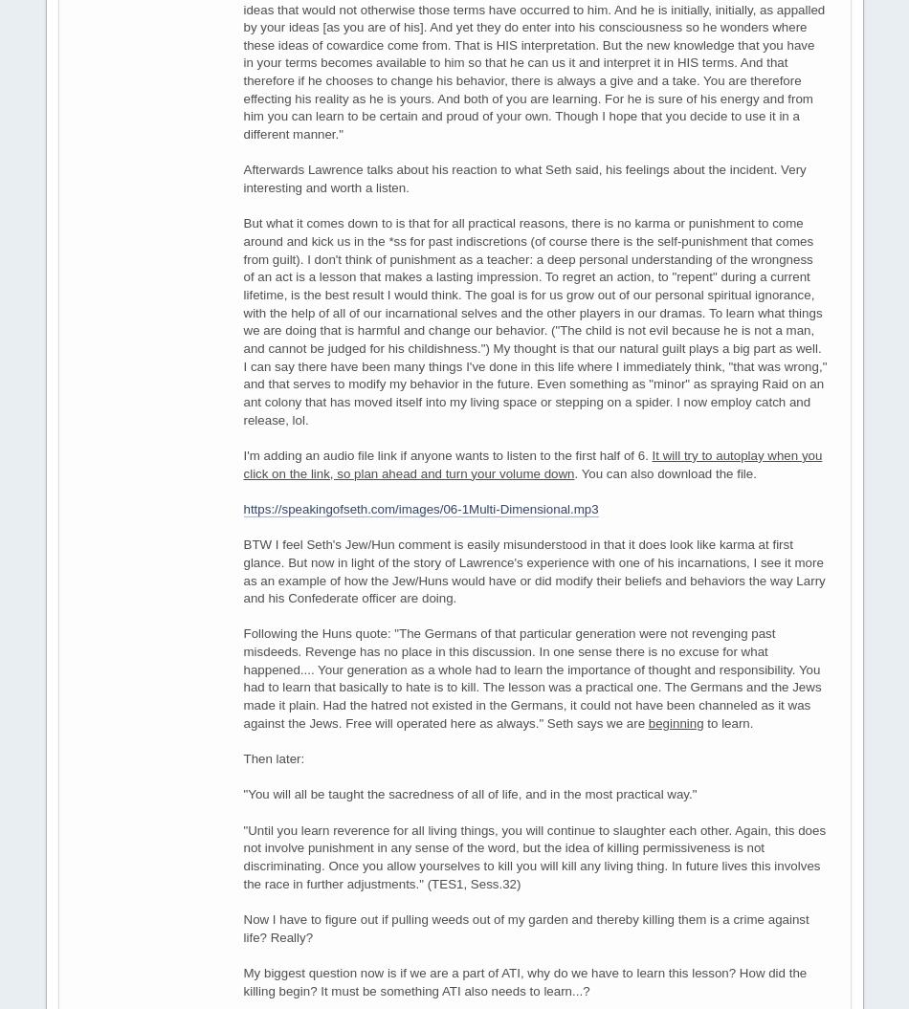 This screenshot has height=1009, width=909. What do you see at coordinates (534, 320) in the screenshot?
I see `'But what it comes down to is that for all practical reasons, there is no karma or punishment to come around and kick us in the *ss for past indiscretions (of course there is the self-punishment that comes from guilt). I don't think of punishment as a teacher: a deep personal understanding of the wrongness of an act is a lesson that makes a lasting impression. To regret an action, to "repent" during a current lifetime, is the best result I would think. The goal is for us grow out of our personal spiritual ignorance, with the help of all of our incarnational selves and the other players in our dramas. To learn what things we are doing that is harmful and change our behavior. ("The child is not evil because he is not a man, and cannot be judged for his childishness.") My thought is that our natural guilt plays a big part as well. I can say there have been many things I've done in this life where I immediately think, "that was wrong," and that serves to modify my behavior in the future. Even something as "minor" as spraying Raid on an ant colony that has moved itself into my living space or stepping on a spider. I now employ catch and release, lol.'` at bounding box center [534, 320].